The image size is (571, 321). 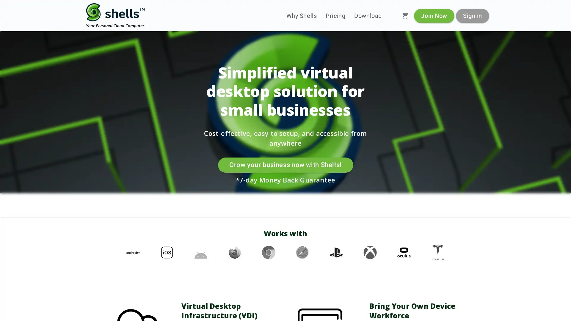 What do you see at coordinates (368, 15) in the screenshot?
I see `Download` at bounding box center [368, 15].